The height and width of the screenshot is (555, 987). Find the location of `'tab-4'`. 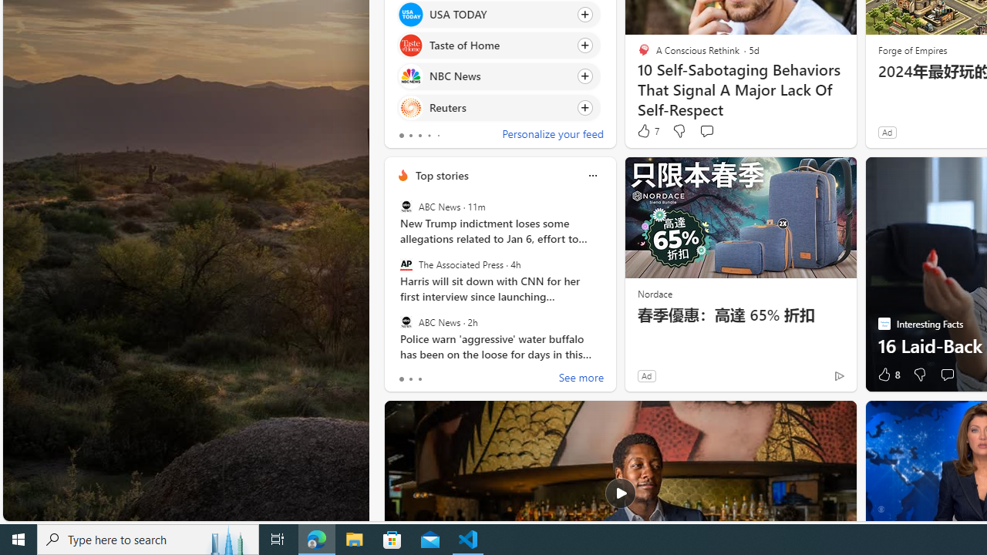

'tab-4' is located at coordinates (437, 135).